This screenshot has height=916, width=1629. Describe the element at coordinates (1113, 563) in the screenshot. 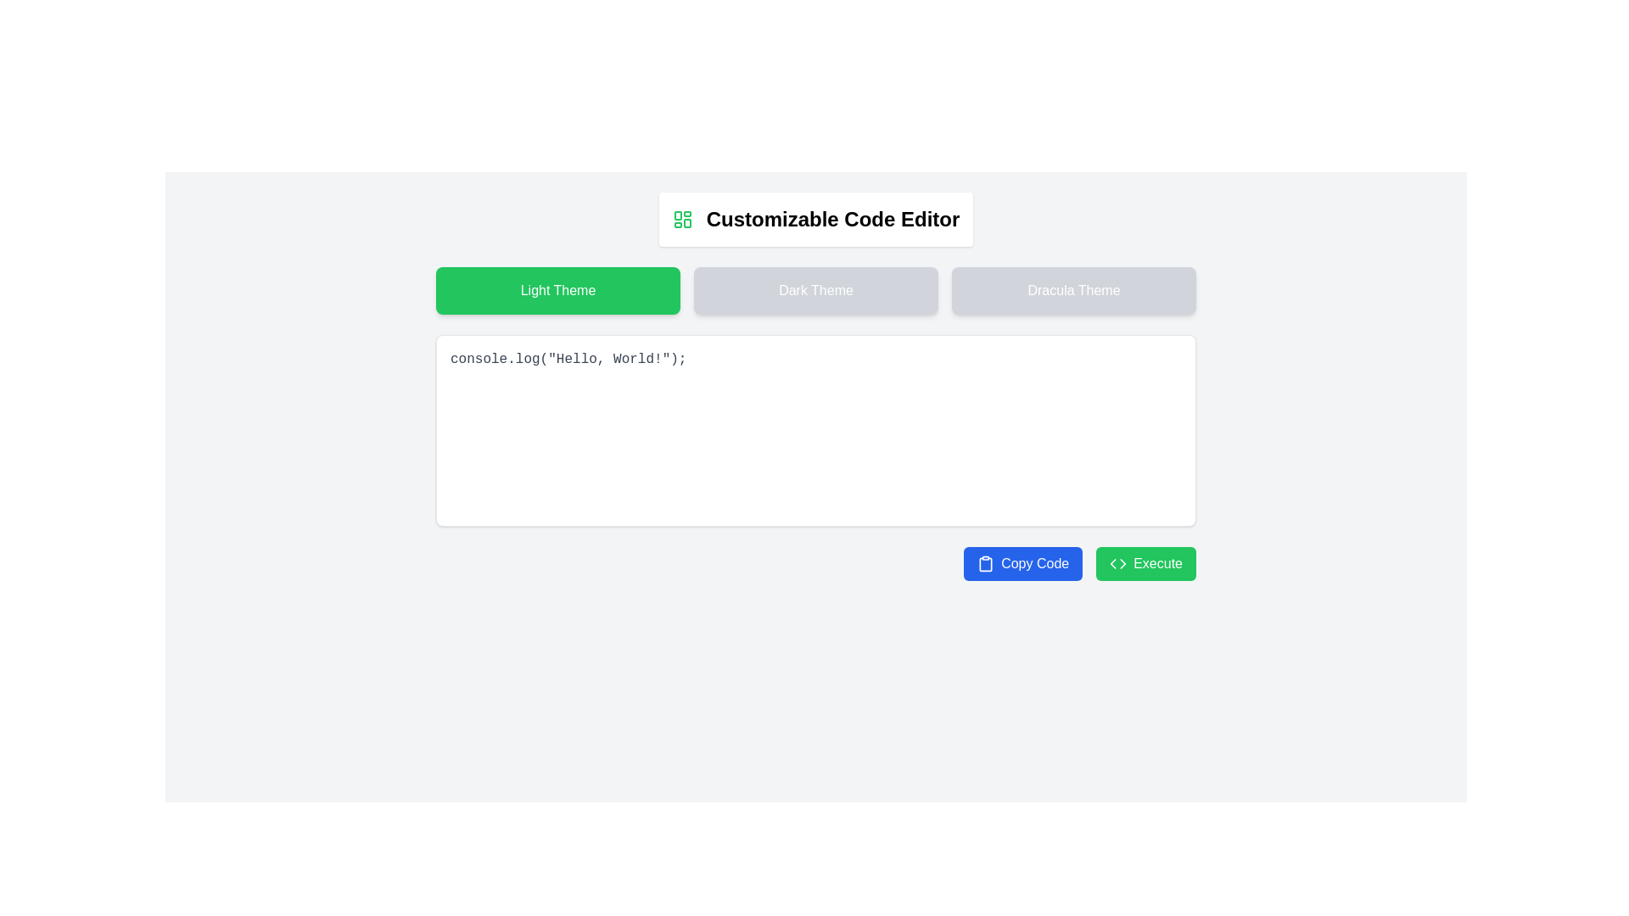

I see `the left triangle of the SVG 'code' icon, which represents the opening angle bracket in a code context` at that location.